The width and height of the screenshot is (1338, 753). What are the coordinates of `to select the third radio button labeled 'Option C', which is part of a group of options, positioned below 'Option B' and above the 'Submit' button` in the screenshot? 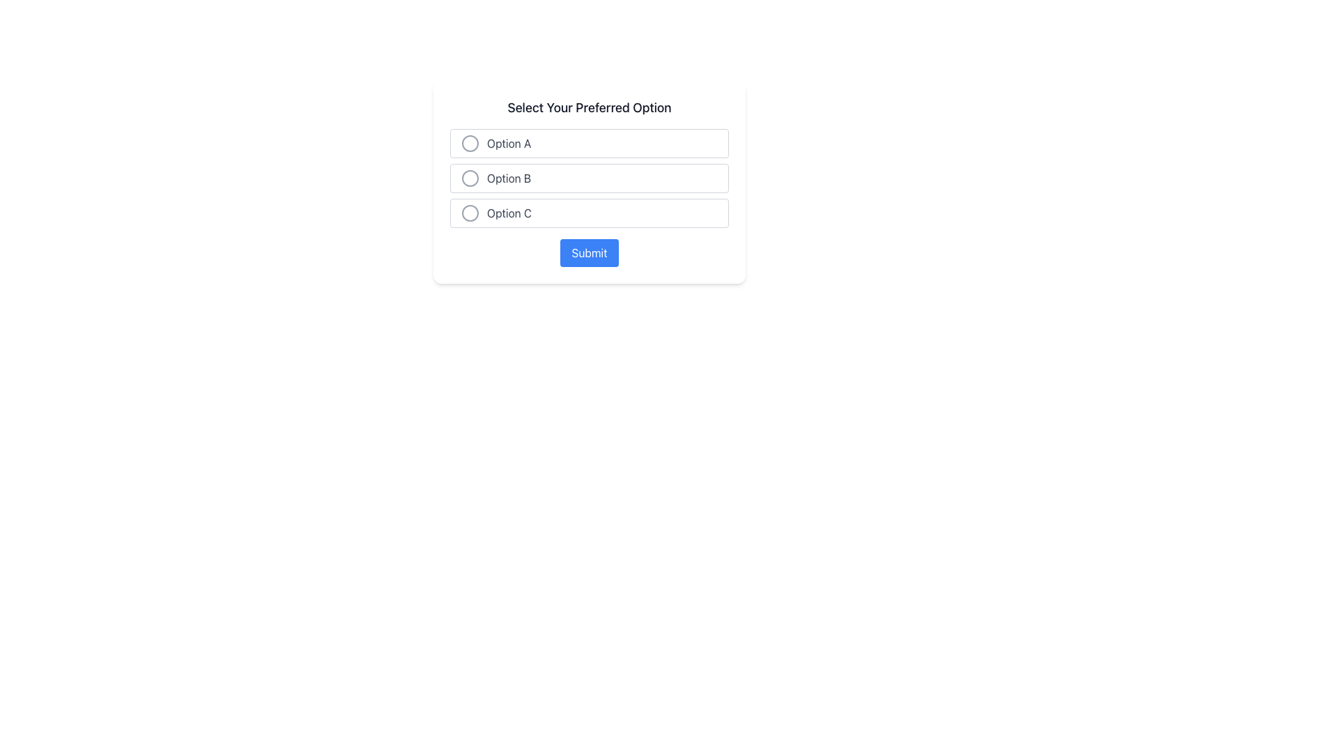 It's located at (589, 213).